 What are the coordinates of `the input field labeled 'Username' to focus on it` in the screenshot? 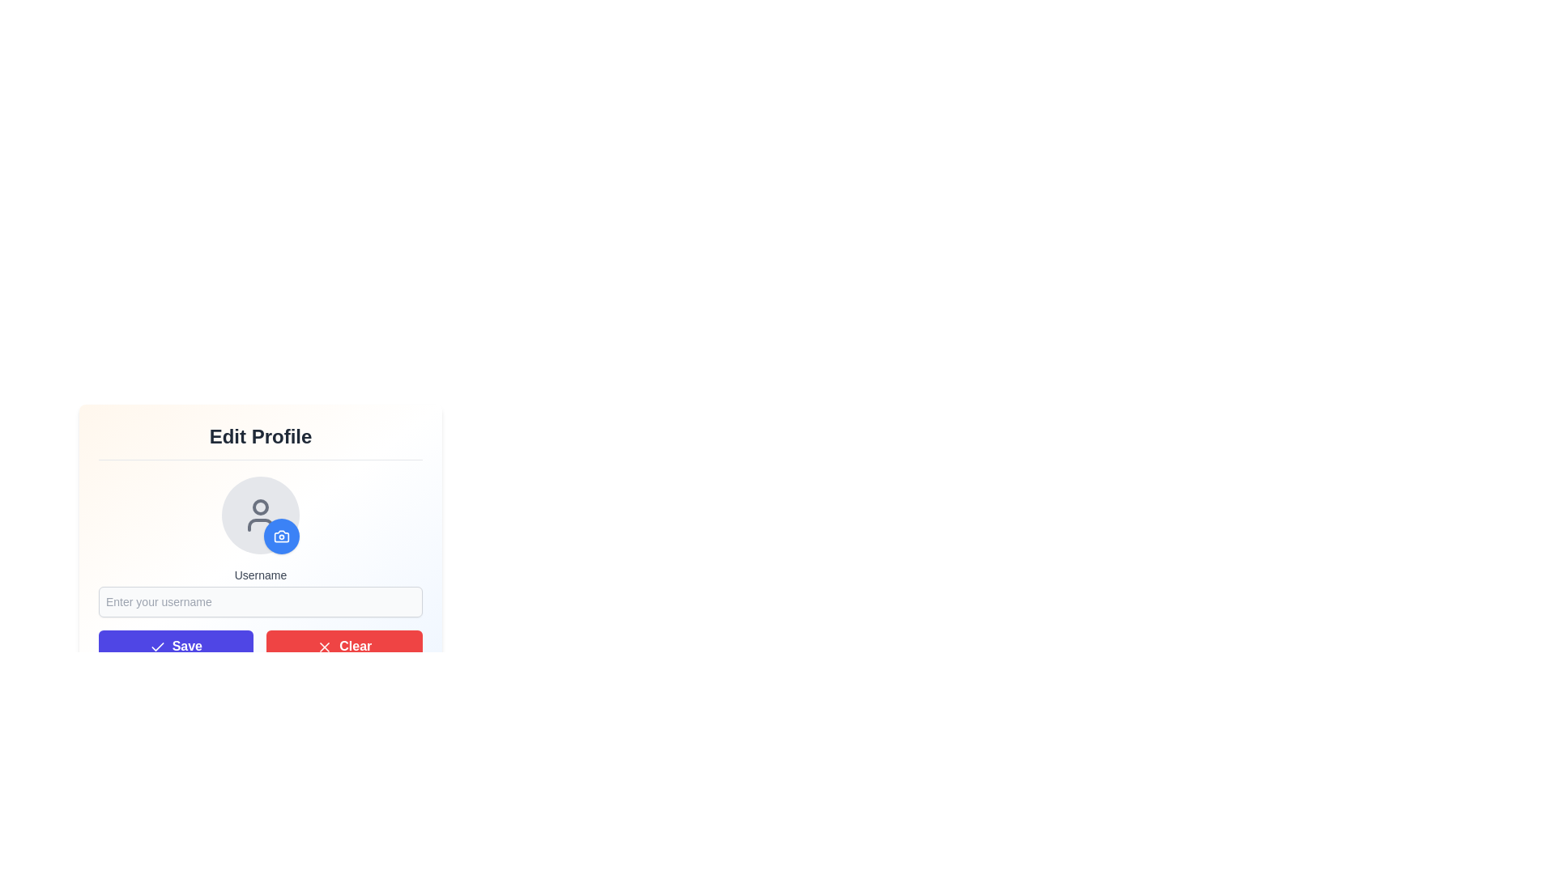 It's located at (260, 592).